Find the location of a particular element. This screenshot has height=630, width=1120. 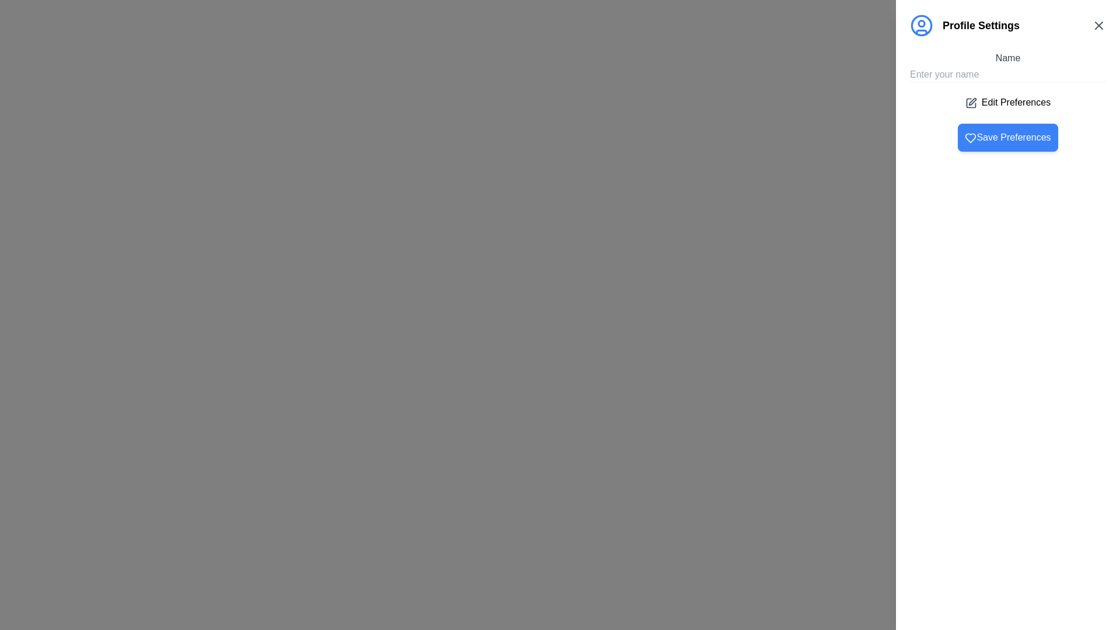

the close button icon, which is an 'X' shape located in the upper-right corner of the right-side panel is located at coordinates (1098, 25).